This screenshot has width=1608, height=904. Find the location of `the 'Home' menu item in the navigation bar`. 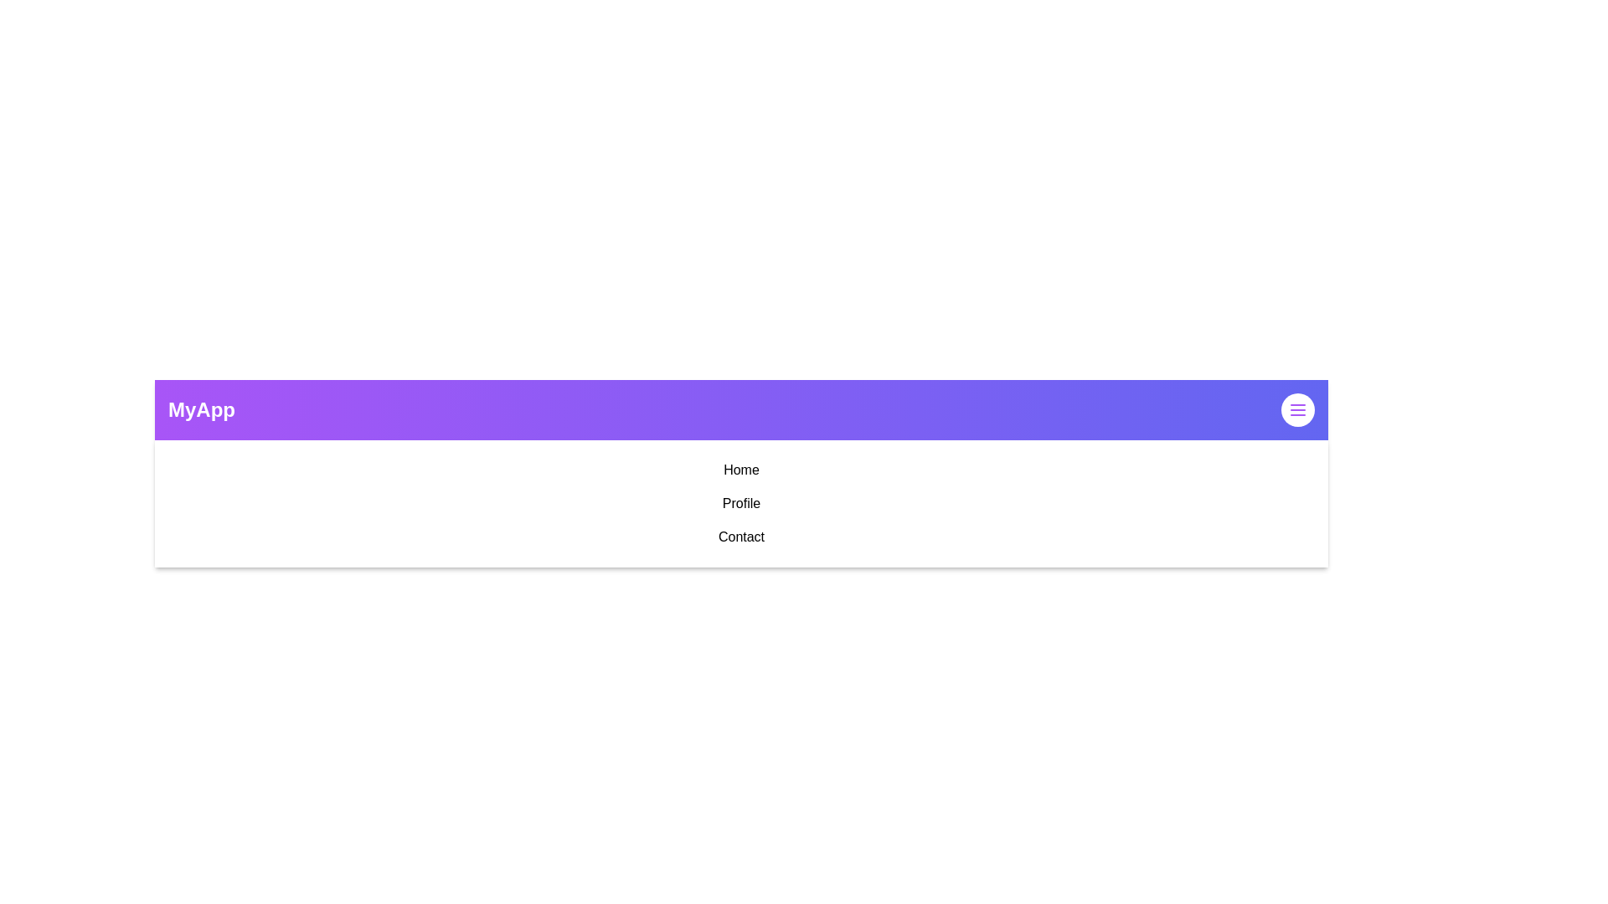

the 'Home' menu item in the navigation bar is located at coordinates (740, 470).